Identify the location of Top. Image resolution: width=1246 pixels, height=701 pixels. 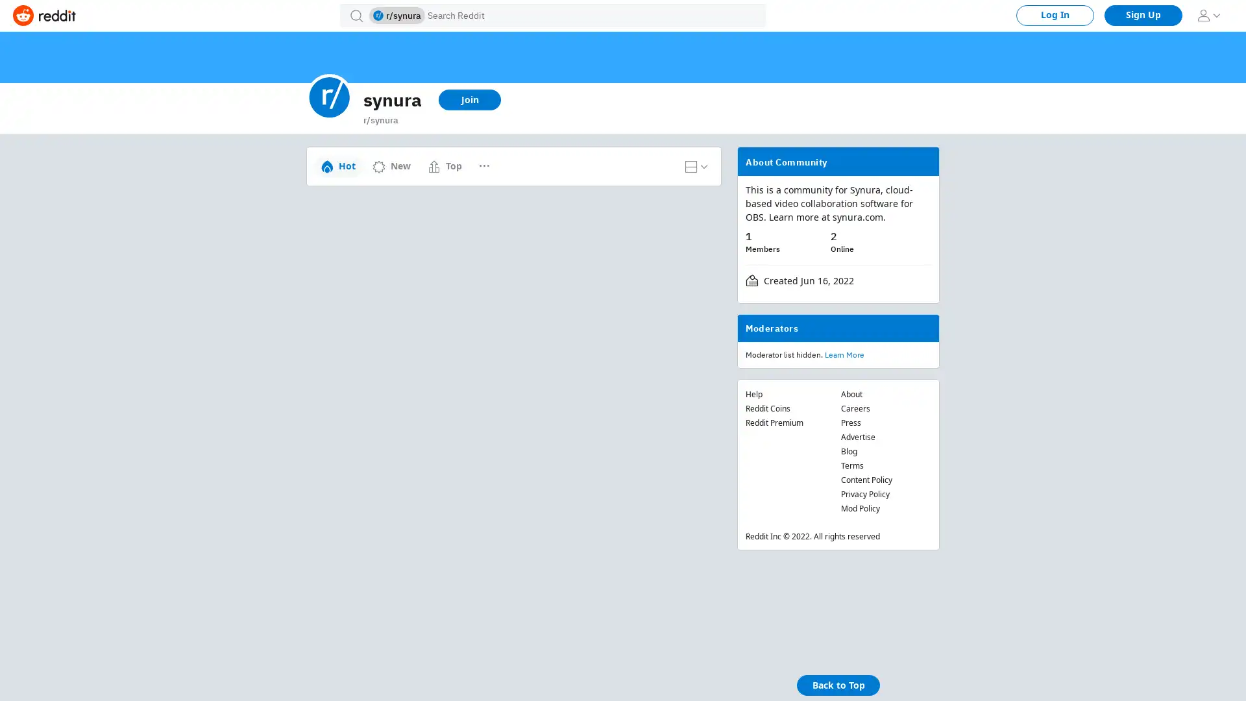
(445, 165).